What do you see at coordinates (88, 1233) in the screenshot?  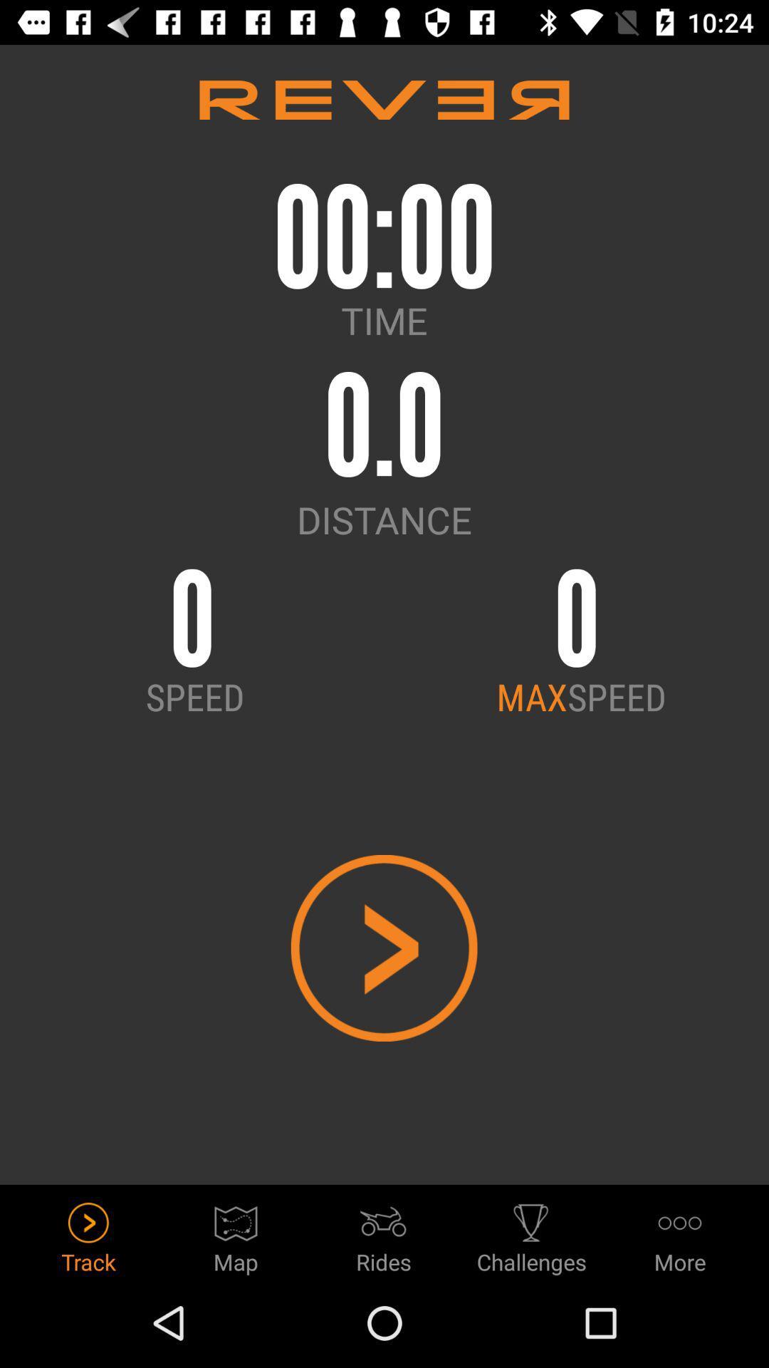 I see `the item to the left of the map item` at bounding box center [88, 1233].